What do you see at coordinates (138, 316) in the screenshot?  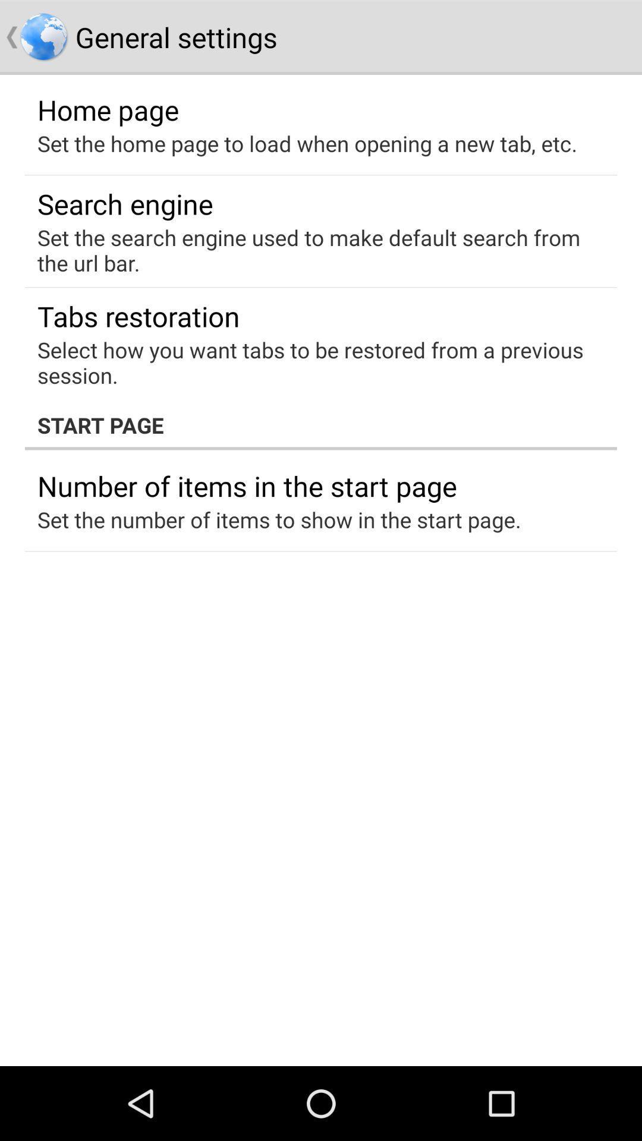 I see `icon above select how you app` at bounding box center [138, 316].